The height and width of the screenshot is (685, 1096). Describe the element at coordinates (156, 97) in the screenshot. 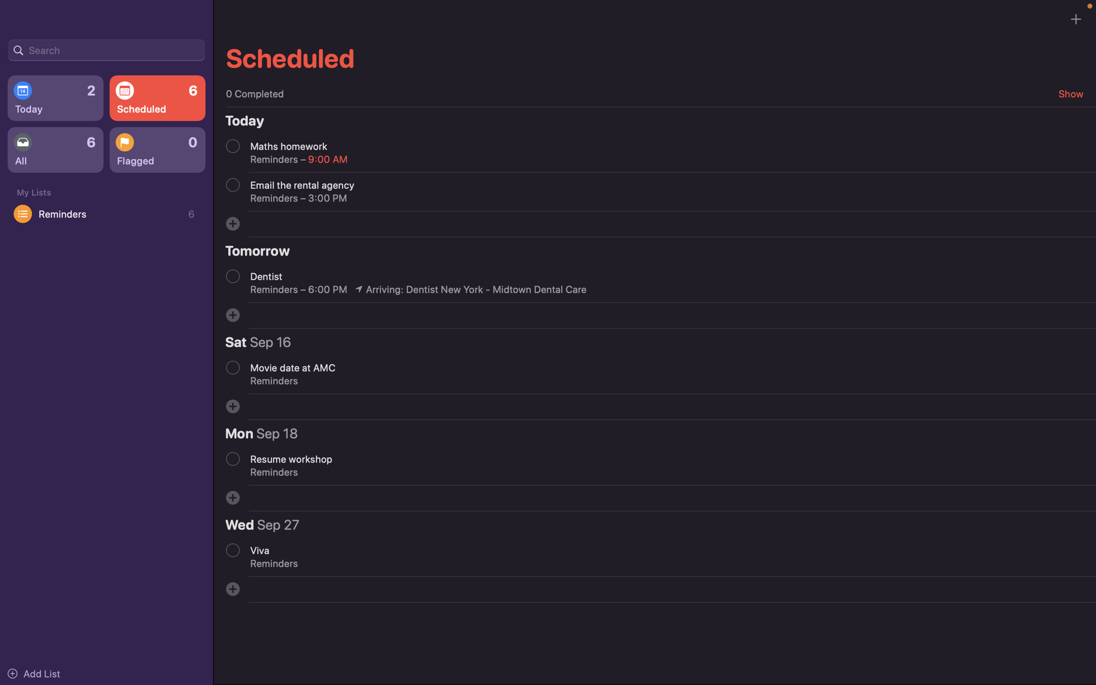

I see `all upcoming scheduled events` at that location.